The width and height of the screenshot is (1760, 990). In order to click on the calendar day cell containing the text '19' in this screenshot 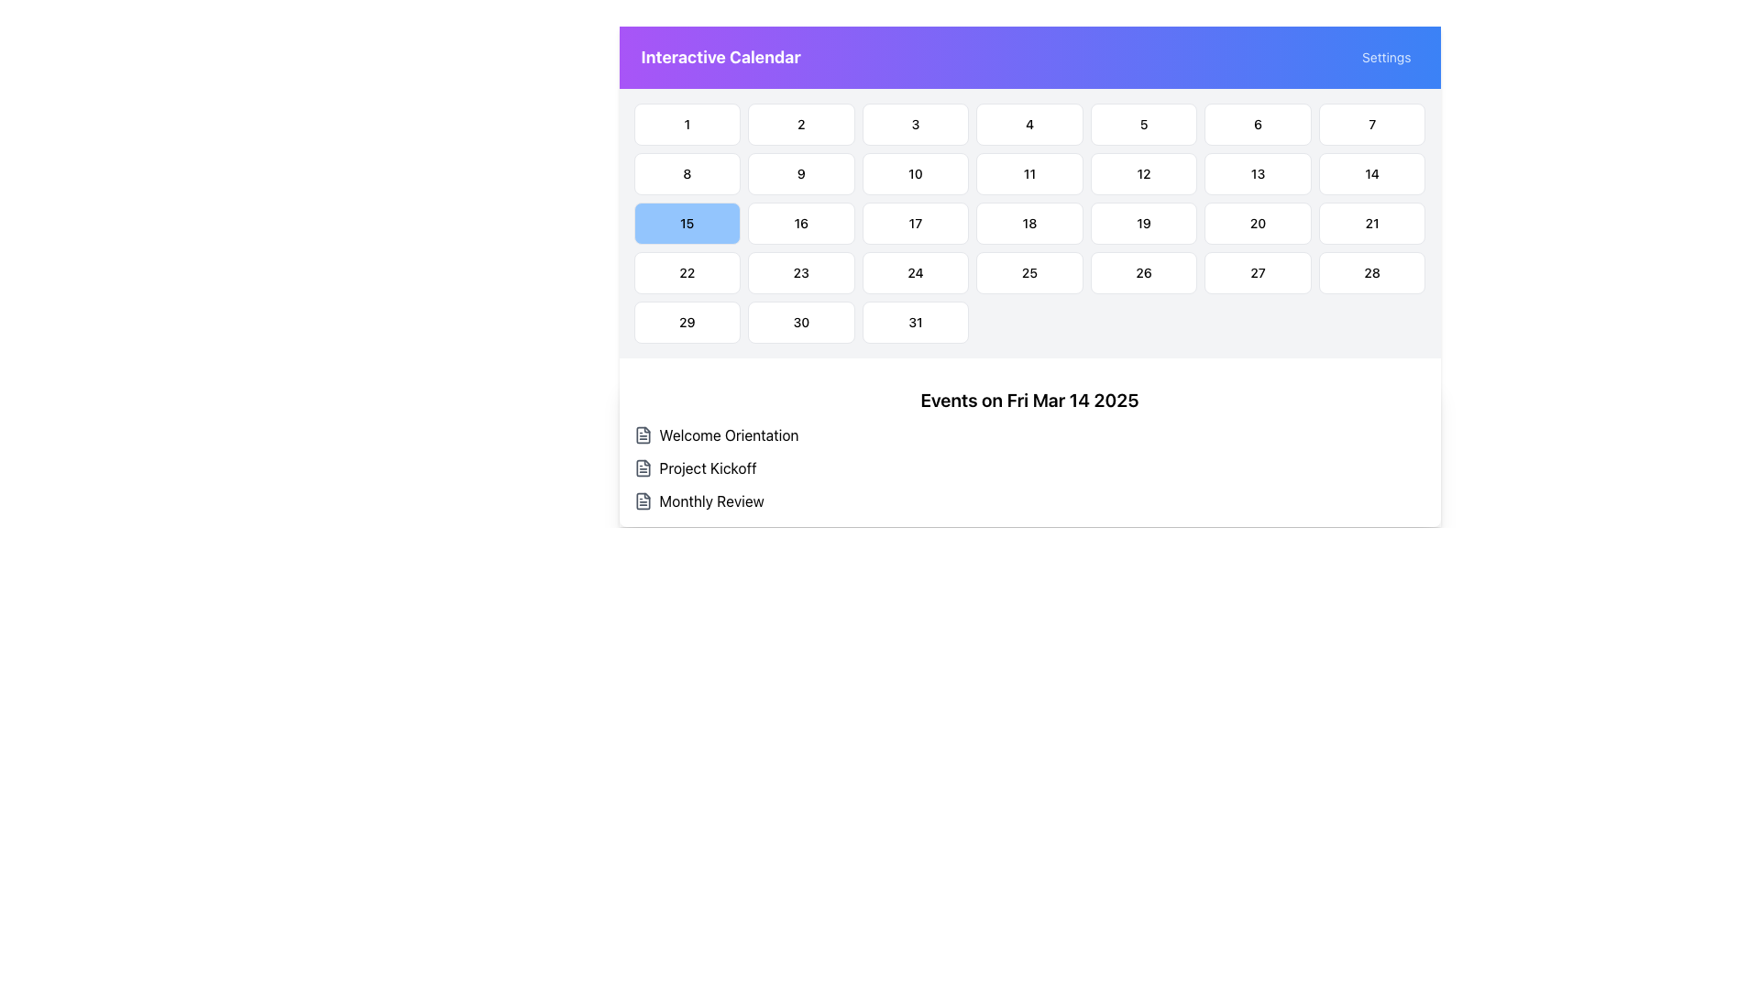, I will do `click(1143, 222)`.